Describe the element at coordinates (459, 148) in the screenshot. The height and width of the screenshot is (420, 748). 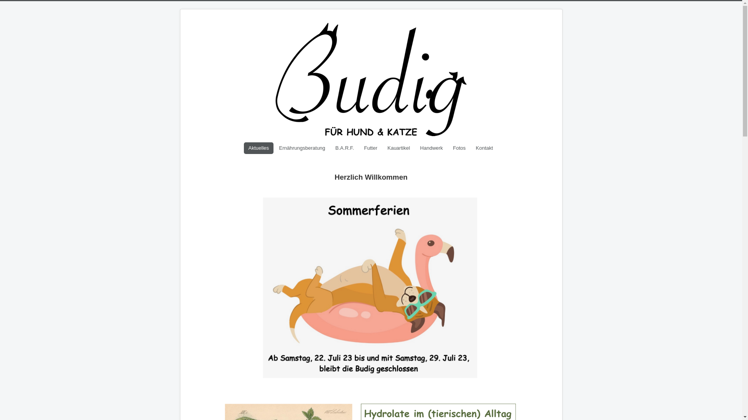
I see `'Fotos'` at that location.